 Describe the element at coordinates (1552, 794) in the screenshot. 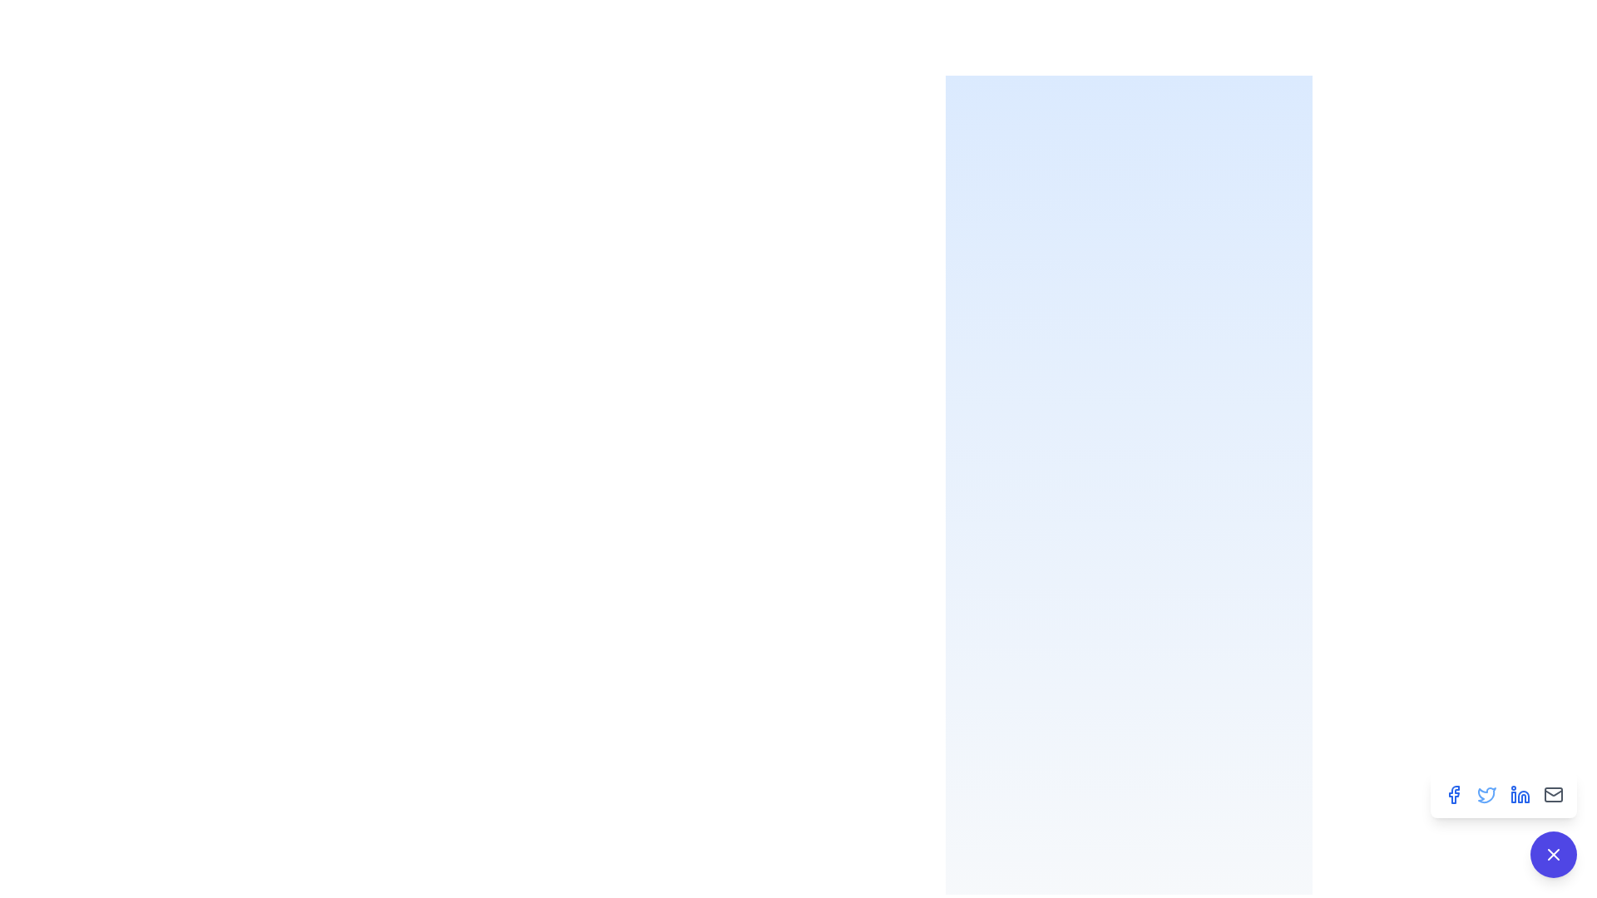

I see `the mail envelope icon button located at the bottom-right corner of the interface` at that location.